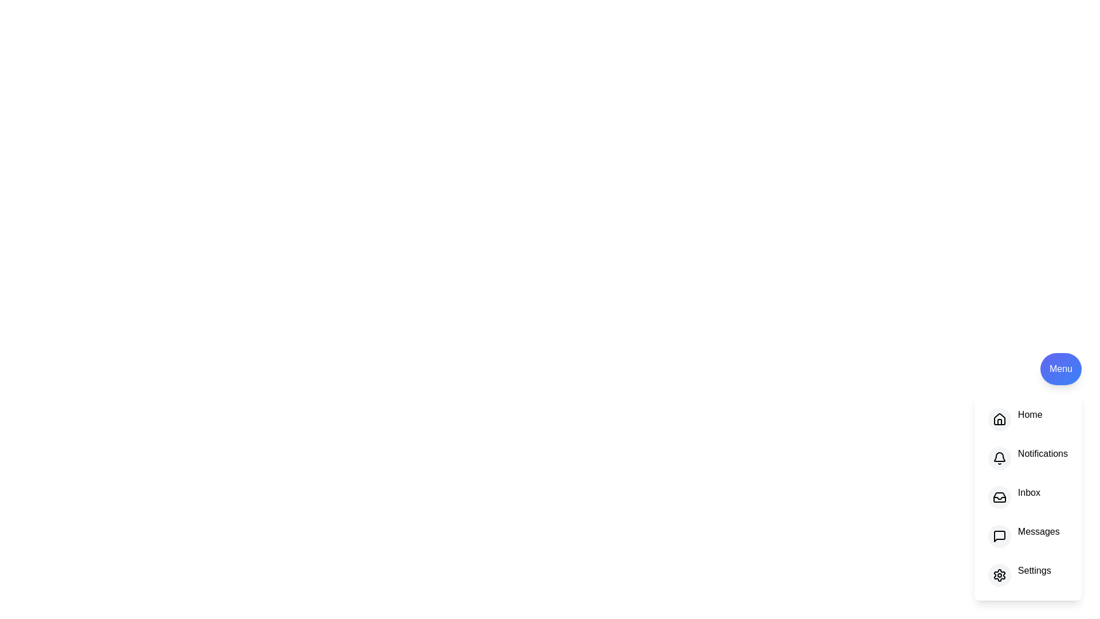 The width and height of the screenshot is (1100, 619). Describe the element at coordinates (998, 536) in the screenshot. I see `the option Messages from the menu` at that location.